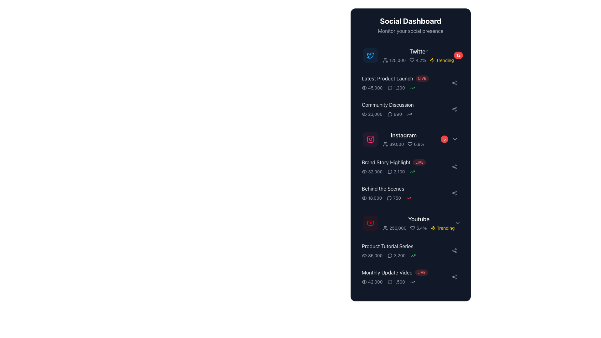  I want to click on the followers icon located to the left of the numeric text '89,000' in the Instagram row within the Social Dashboard, so click(385, 144).